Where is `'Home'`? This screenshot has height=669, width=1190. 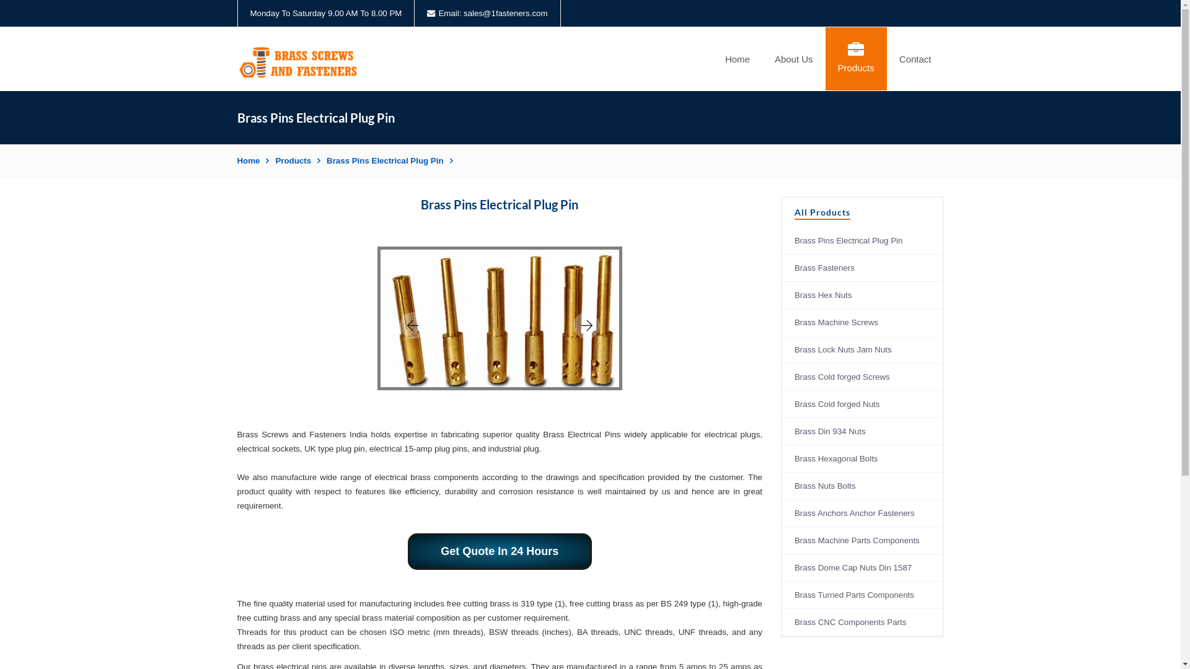
'Home' is located at coordinates (738, 59).